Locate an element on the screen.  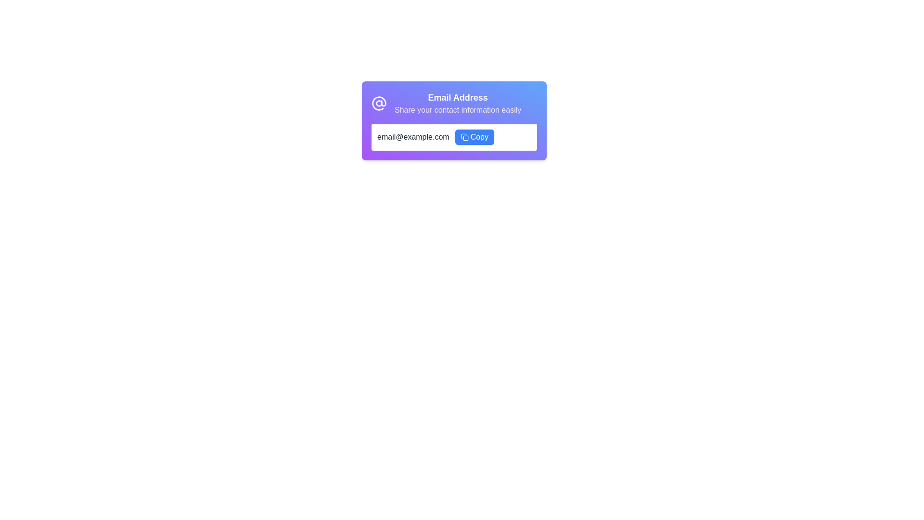
the small rounded rectangle icon that is part of the 'Copy' button, which is positioned to the right of a text input field is located at coordinates (465, 138).